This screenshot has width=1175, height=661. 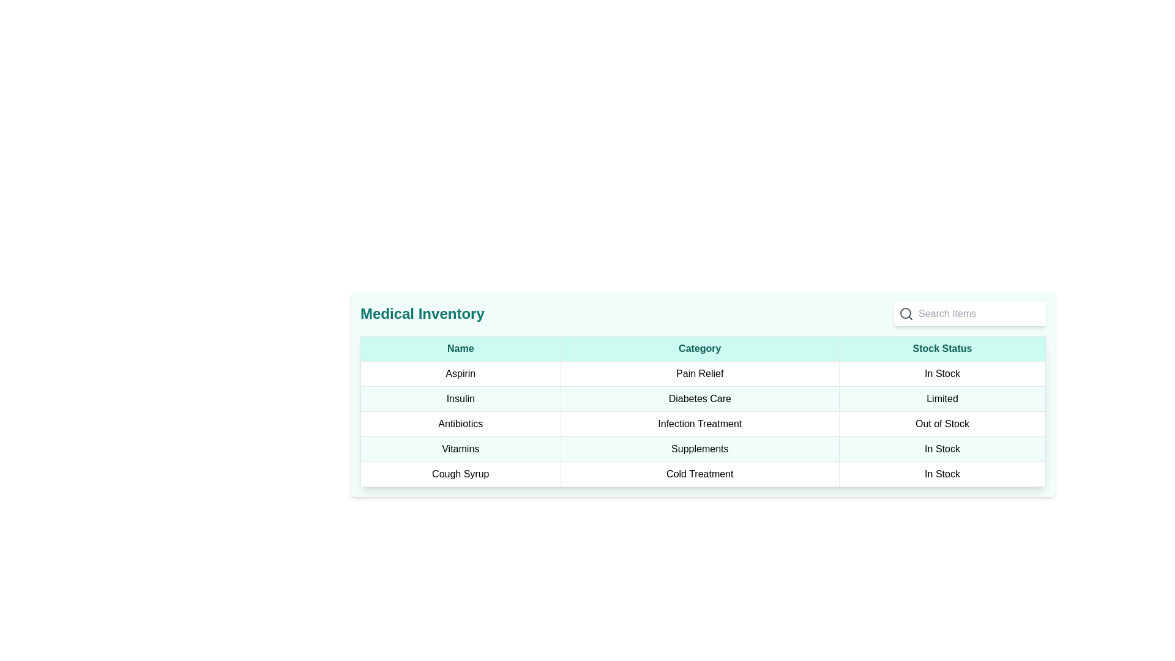 What do you see at coordinates (460, 349) in the screenshot?
I see `the Table Header Cell that contains the text 'Name', which has a light green background and dark green centered text` at bounding box center [460, 349].